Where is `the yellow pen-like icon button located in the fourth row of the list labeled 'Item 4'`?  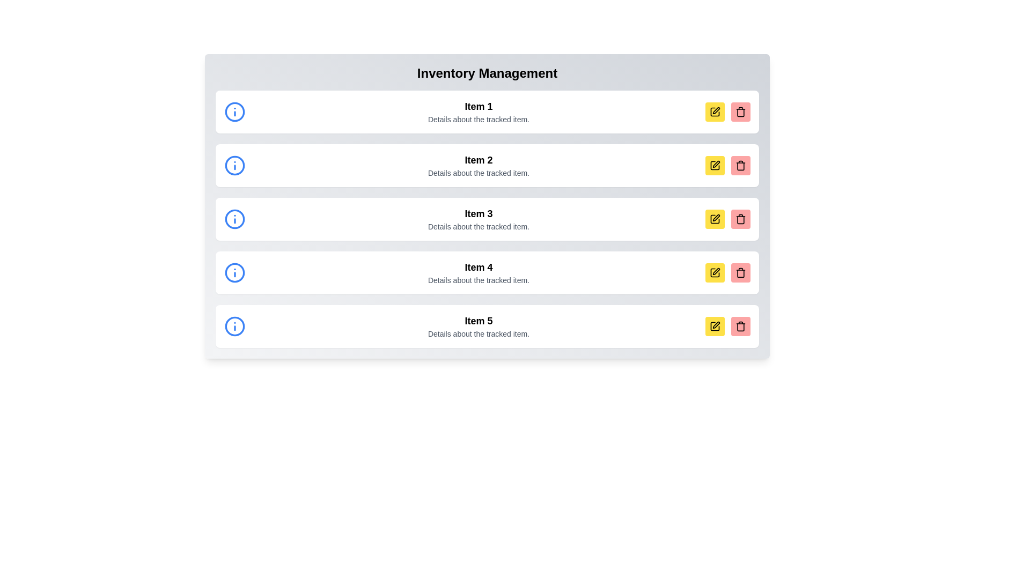
the yellow pen-like icon button located in the fourth row of the list labeled 'Item 4' is located at coordinates (716, 271).